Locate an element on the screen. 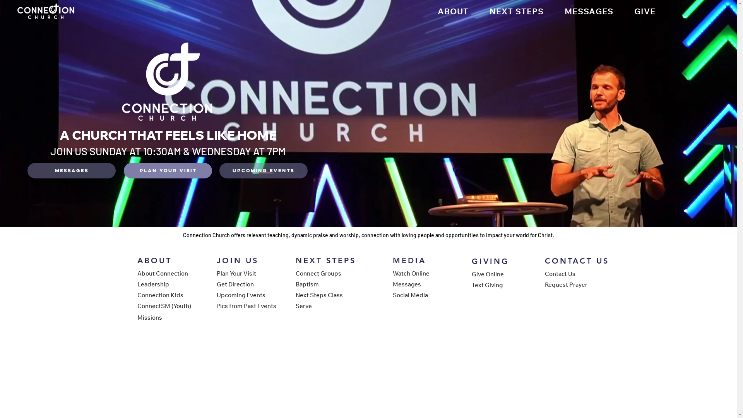 The height and width of the screenshot is (418, 743). 'Connection Kids' is located at coordinates (137, 295).